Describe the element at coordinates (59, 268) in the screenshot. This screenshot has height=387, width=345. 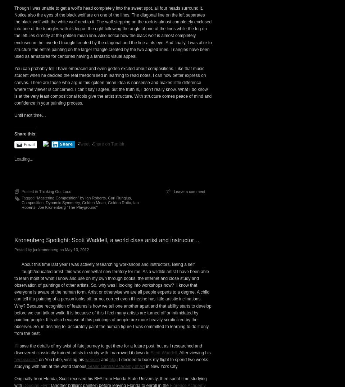
I see `'Share'` at that location.